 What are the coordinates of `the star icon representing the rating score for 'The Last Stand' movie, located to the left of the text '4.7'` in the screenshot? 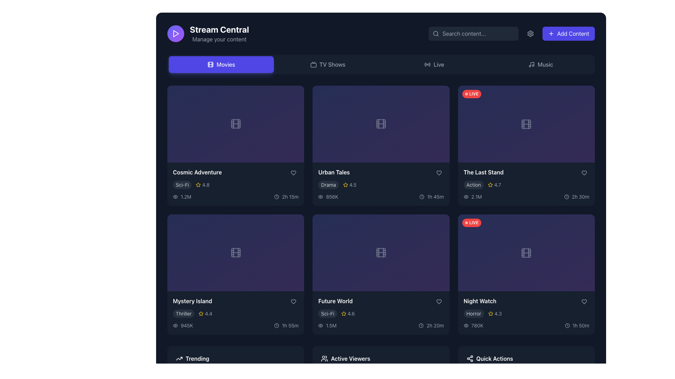 It's located at (490, 185).